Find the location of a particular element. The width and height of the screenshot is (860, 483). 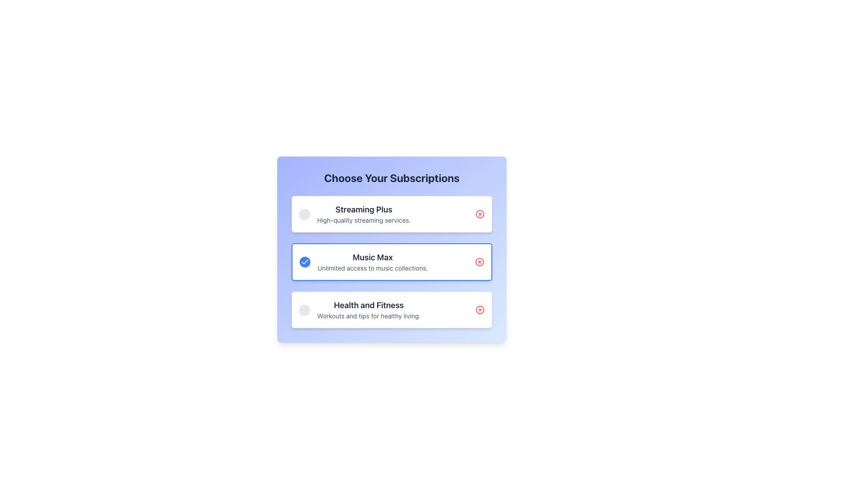

the static text displaying 'Workouts and tips for healthy living.' located beneath the title 'Health and Fitness' in the third subscription option card is located at coordinates (369, 315).